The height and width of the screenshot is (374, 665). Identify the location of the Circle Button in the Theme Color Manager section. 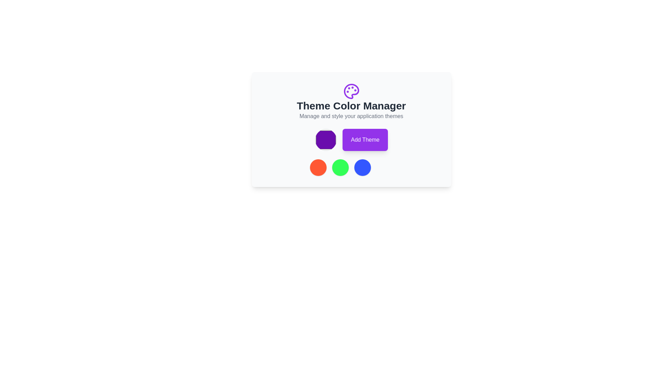
(318, 167).